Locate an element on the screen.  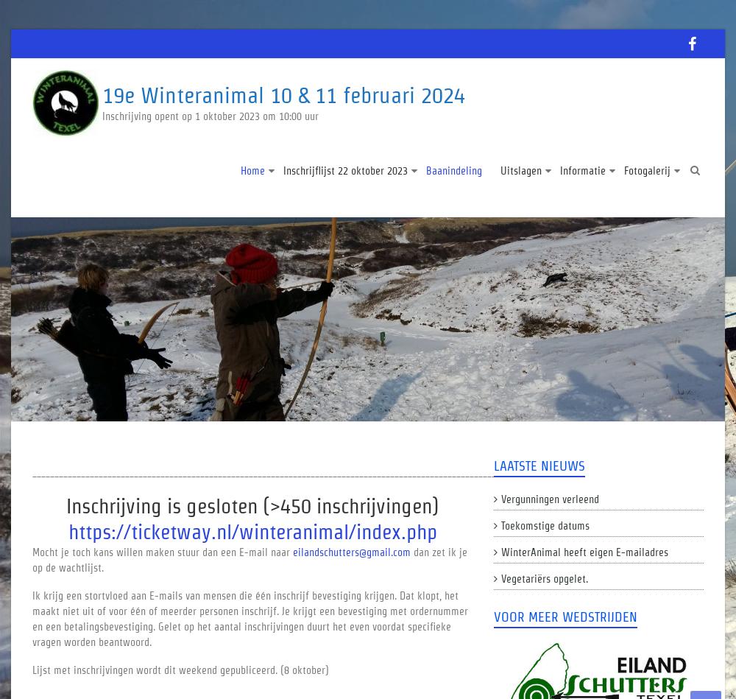
'19e Winteranimal  10 & 11 februari 2024' is located at coordinates (283, 95).